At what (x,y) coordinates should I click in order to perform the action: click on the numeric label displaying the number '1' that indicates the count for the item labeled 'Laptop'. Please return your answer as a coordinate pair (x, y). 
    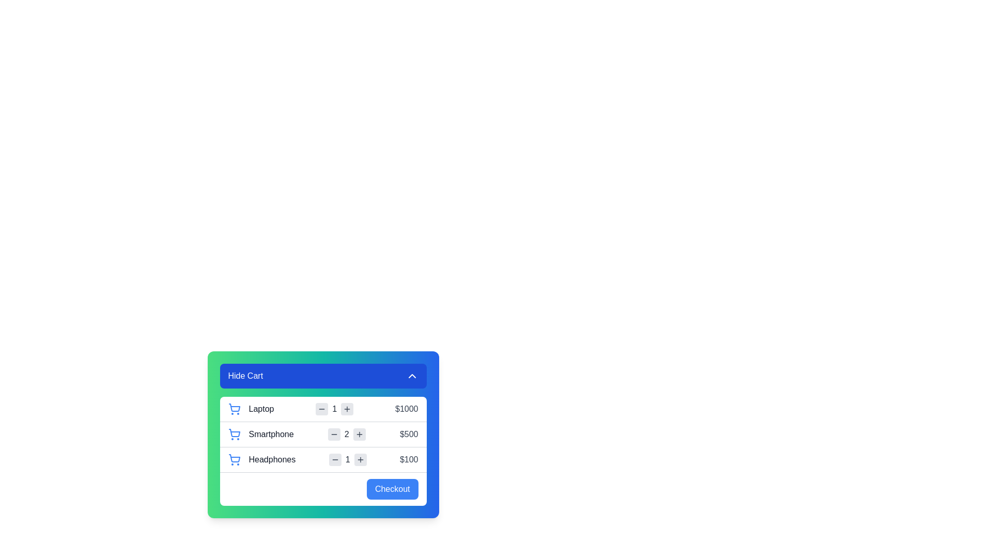
    Looking at the image, I should click on (334, 408).